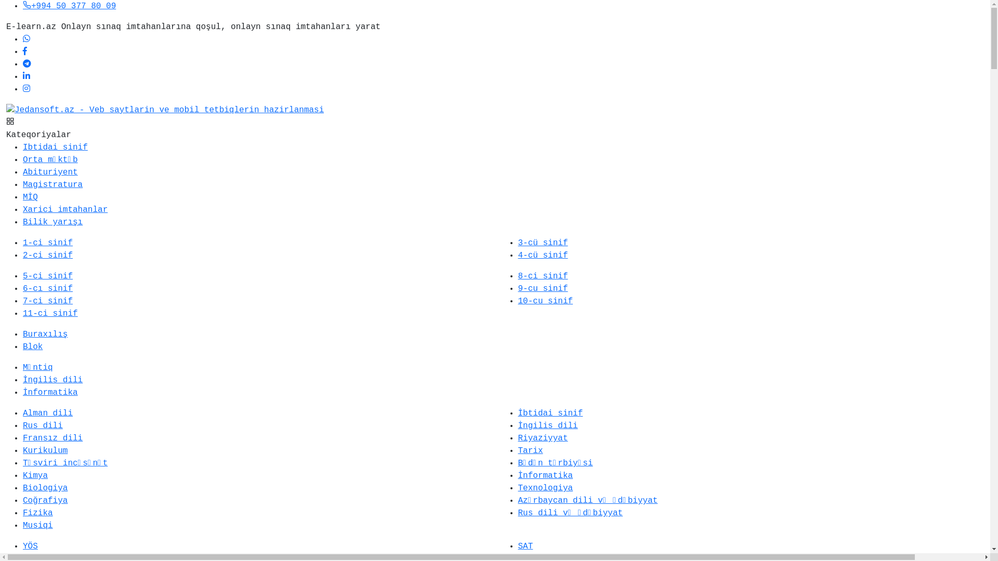 The image size is (998, 561). What do you see at coordinates (35, 475) in the screenshot?
I see `'Kimya'` at bounding box center [35, 475].